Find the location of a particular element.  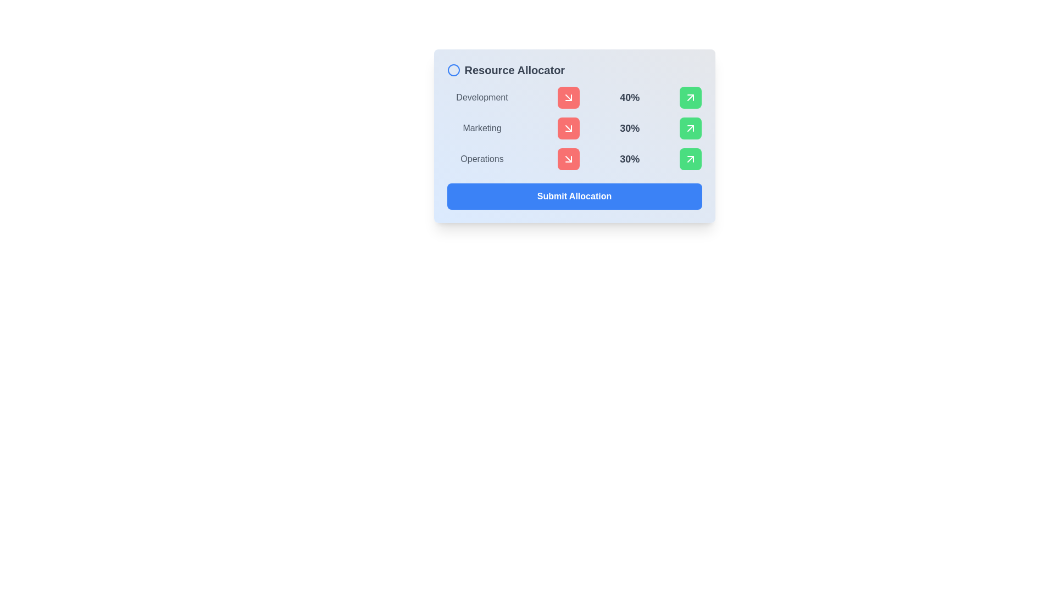

the circular blue outlined icon located to the left of the 'Resource Allocator' text at the top left corner of the interface is located at coordinates (453, 70).